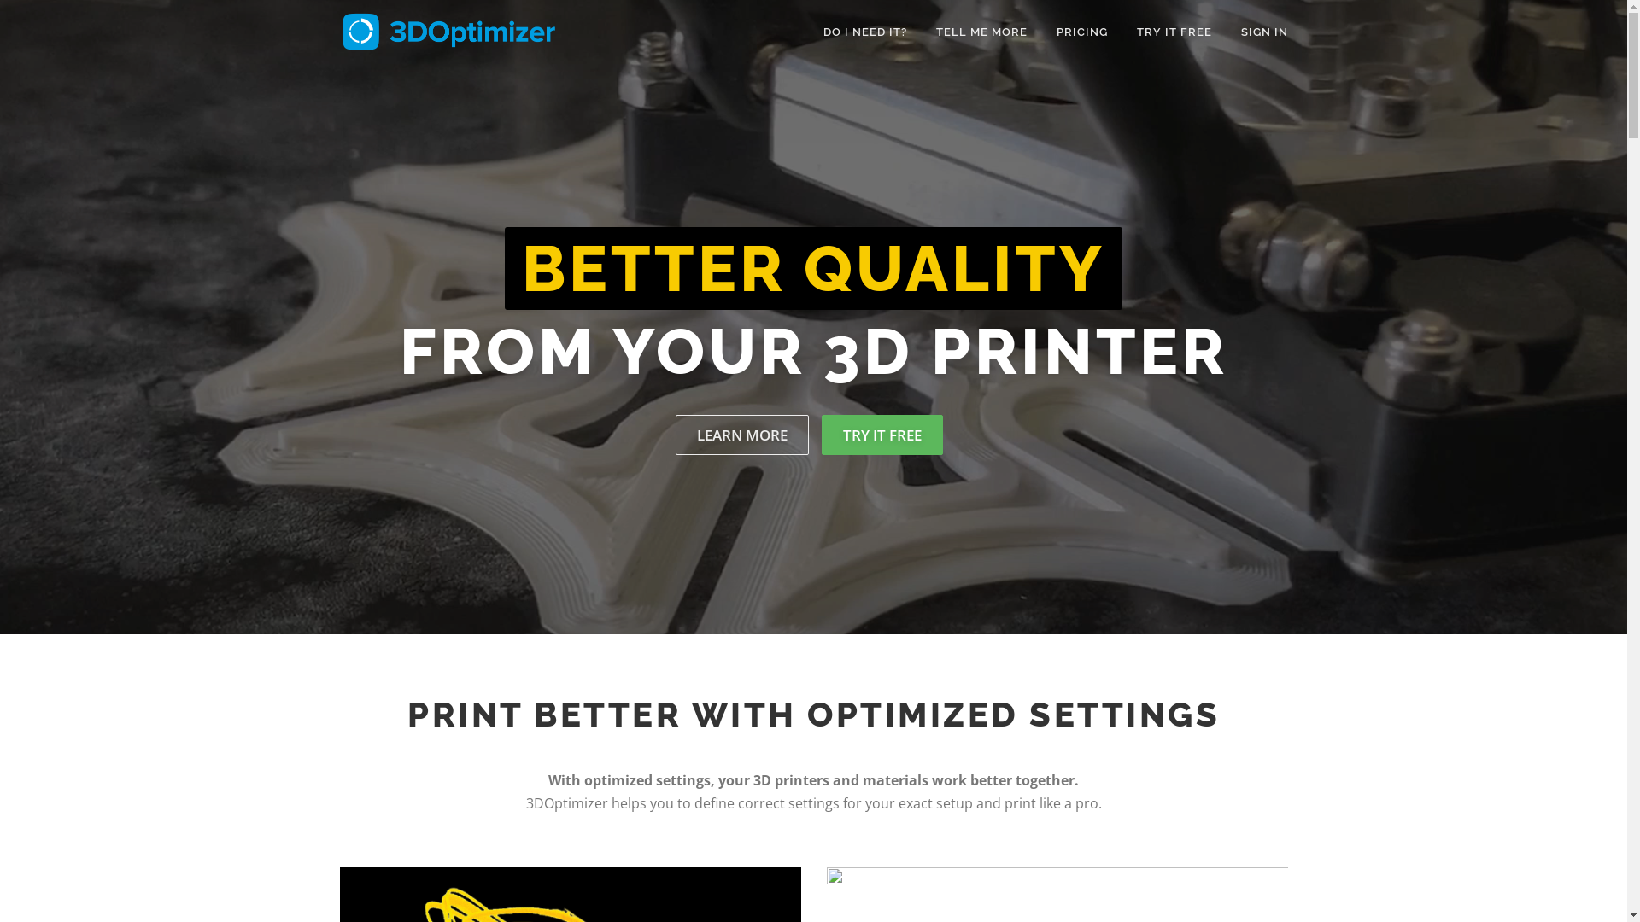 This screenshot has height=922, width=1640. What do you see at coordinates (741, 434) in the screenshot?
I see `'LEARN MORE'` at bounding box center [741, 434].